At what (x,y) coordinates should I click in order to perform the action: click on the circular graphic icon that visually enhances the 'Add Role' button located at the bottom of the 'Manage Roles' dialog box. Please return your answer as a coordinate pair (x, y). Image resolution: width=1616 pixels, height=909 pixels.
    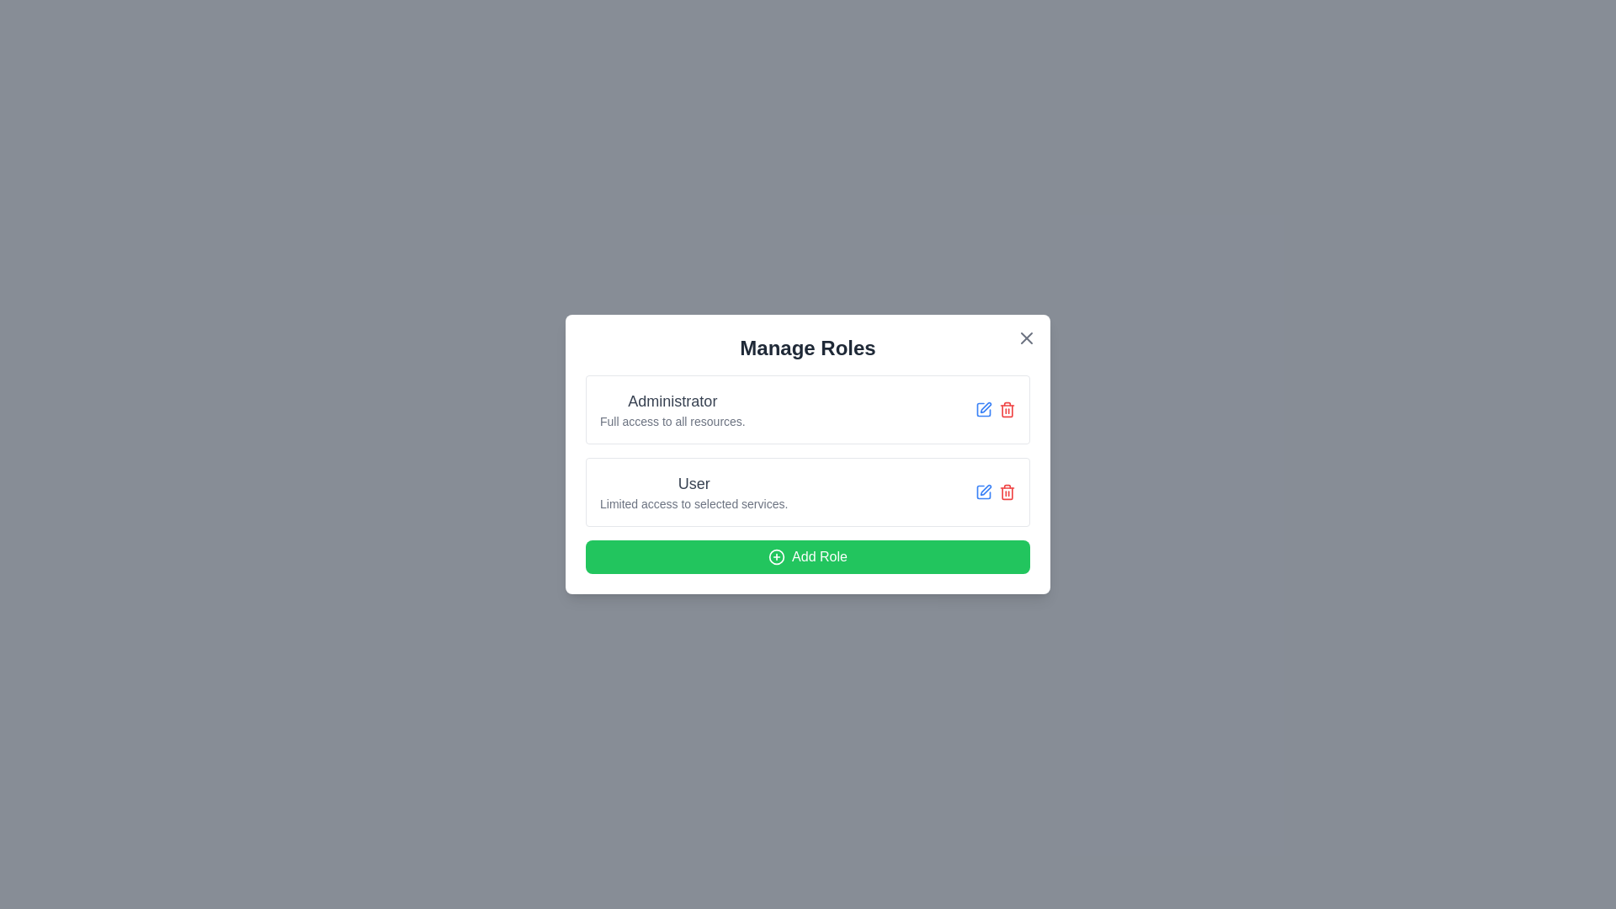
    Looking at the image, I should click on (776, 557).